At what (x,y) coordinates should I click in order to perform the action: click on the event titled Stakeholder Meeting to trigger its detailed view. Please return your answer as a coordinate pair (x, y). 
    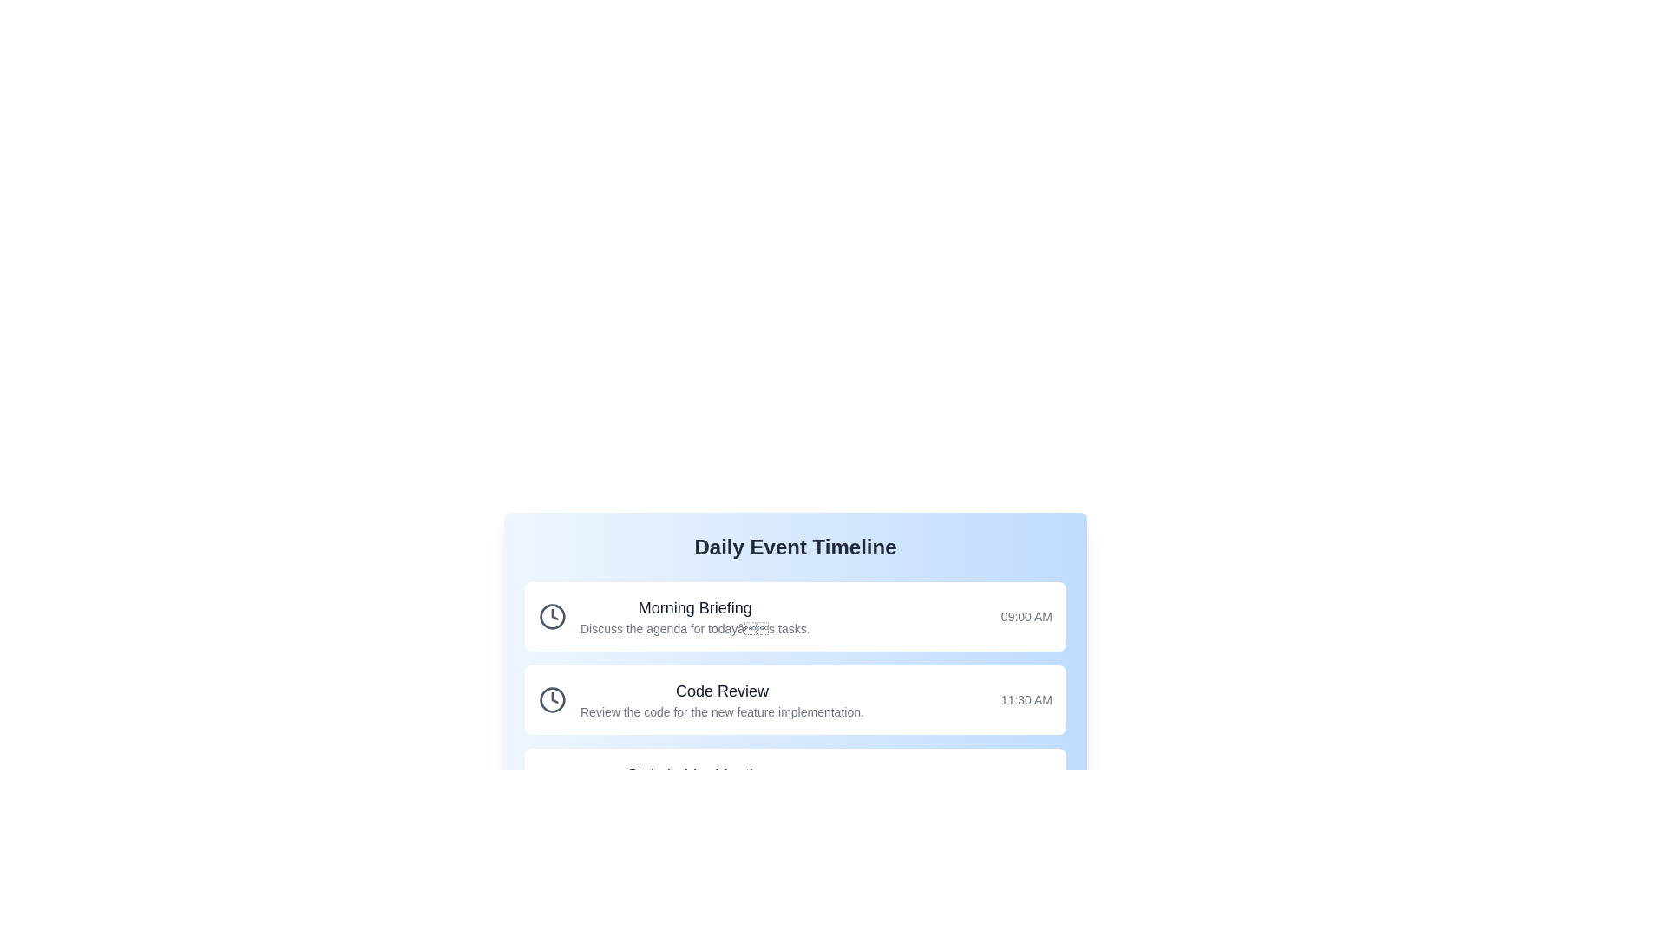
    Looking at the image, I should click on (794, 783).